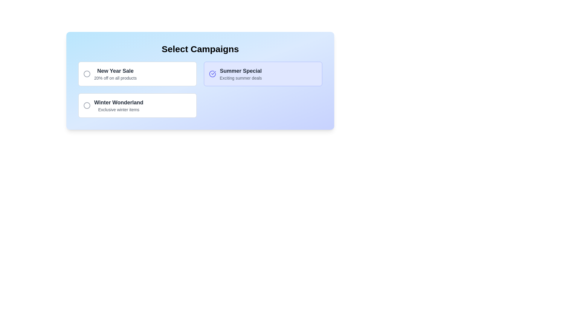 The width and height of the screenshot is (574, 322). Describe the element at coordinates (263, 73) in the screenshot. I see `the 'Summer Special' card, which is a rectangular card with a light indigo background, bold title 'Summer Special' in black, and a subtitle 'Exciting summer deals' in gray` at that location.